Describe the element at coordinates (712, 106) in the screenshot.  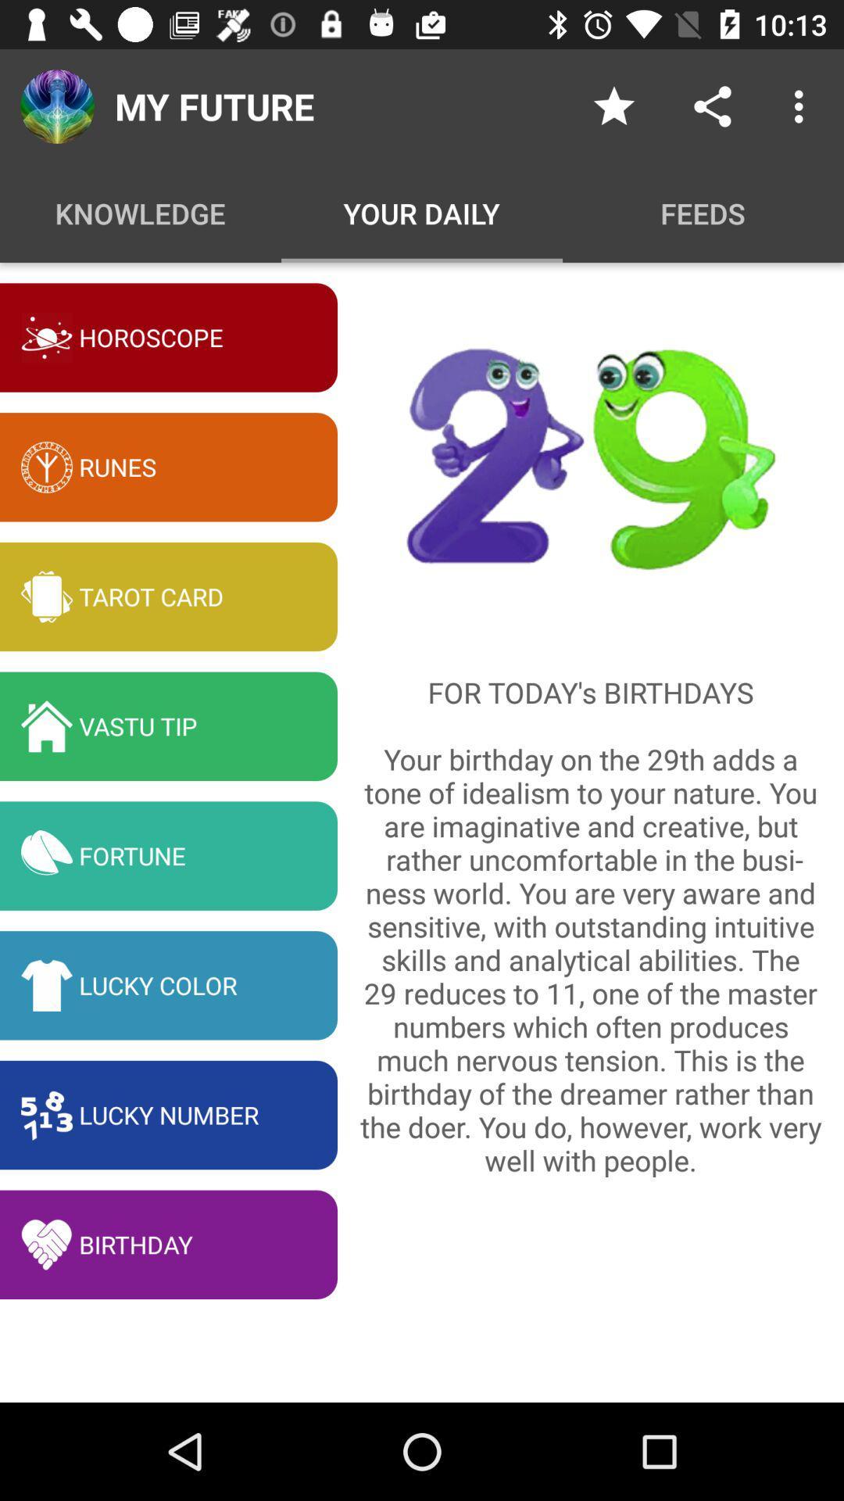
I see `the icon above feeds item` at that location.